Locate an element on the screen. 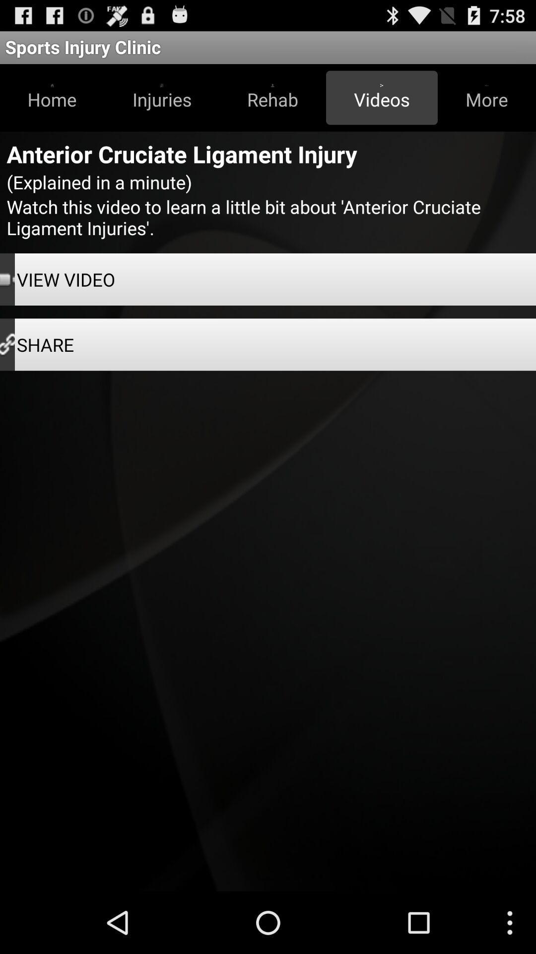 Image resolution: width=536 pixels, height=954 pixels. button to the left of the injuries button is located at coordinates (52, 97).